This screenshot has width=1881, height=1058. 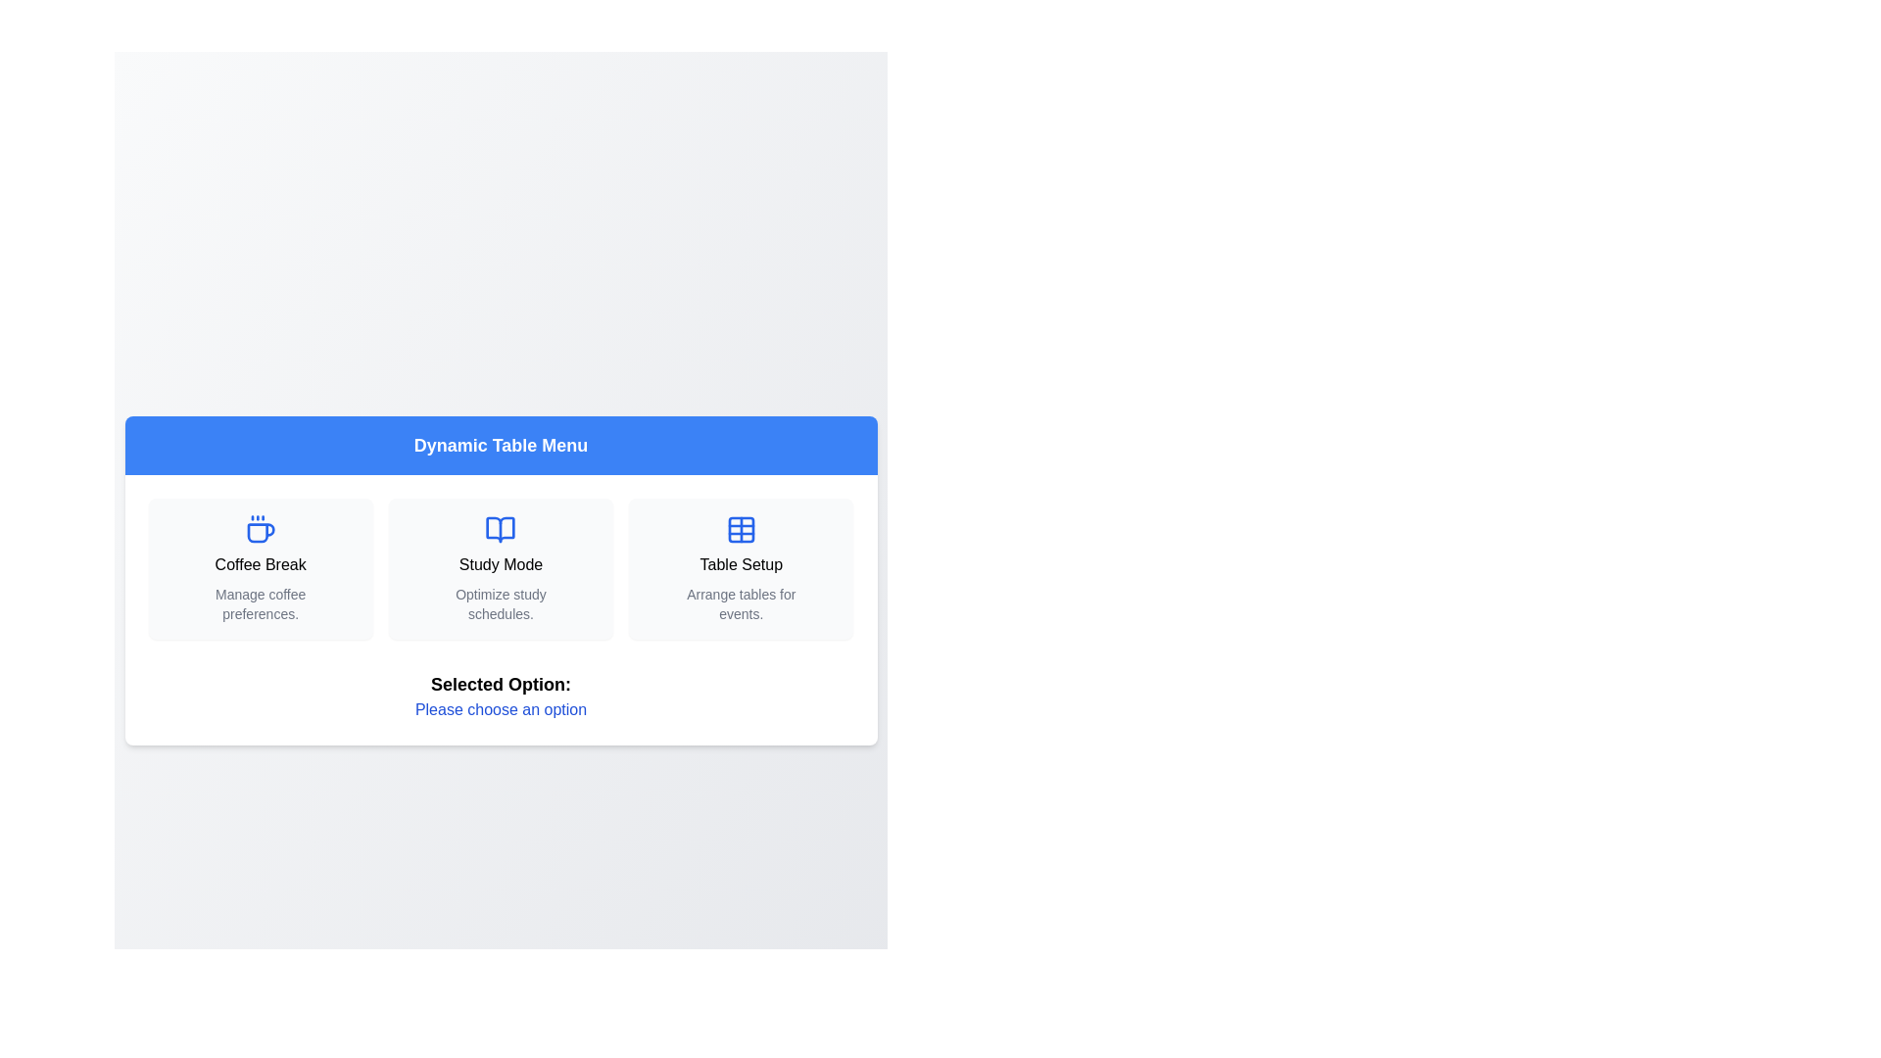 What do you see at coordinates (259, 569) in the screenshot?
I see `the menu option Coffee Break from the Dynamic Table Menu` at bounding box center [259, 569].